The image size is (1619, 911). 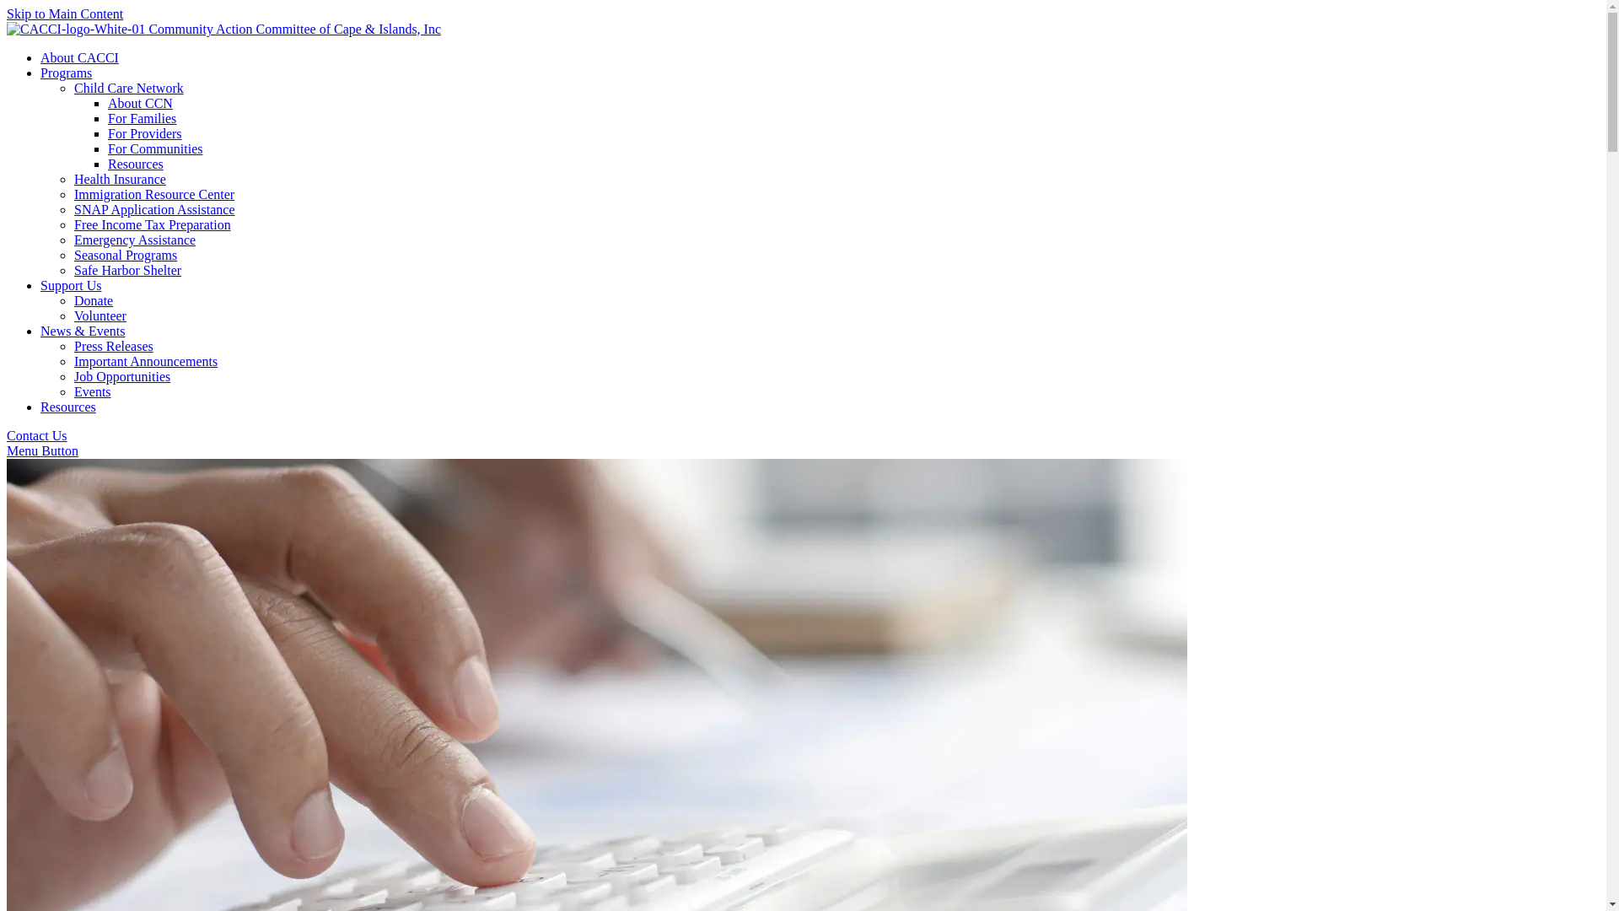 What do you see at coordinates (69, 284) in the screenshot?
I see `'Support Us'` at bounding box center [69, 284].